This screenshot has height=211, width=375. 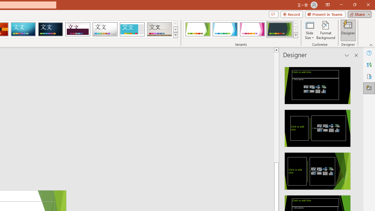 I want to click on 'Facet Variant 2', so click(x=225, y=29).